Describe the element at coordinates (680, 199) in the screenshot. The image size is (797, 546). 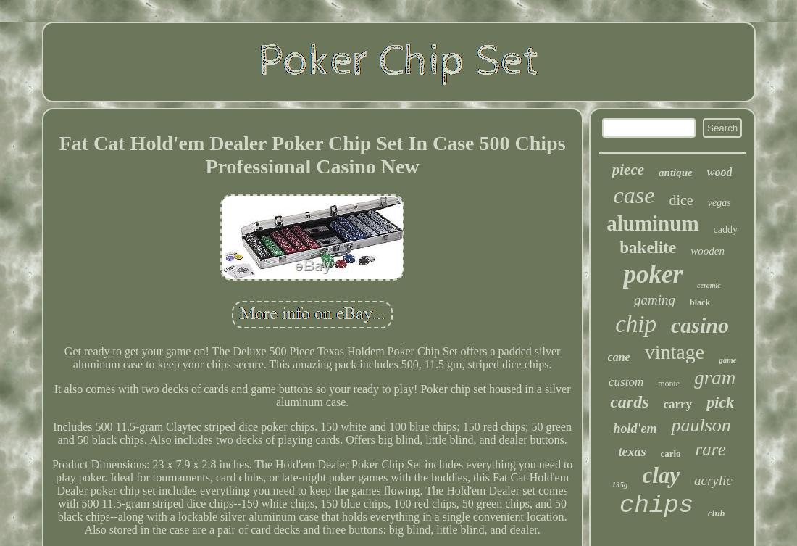
I see `'dice'` at that location.